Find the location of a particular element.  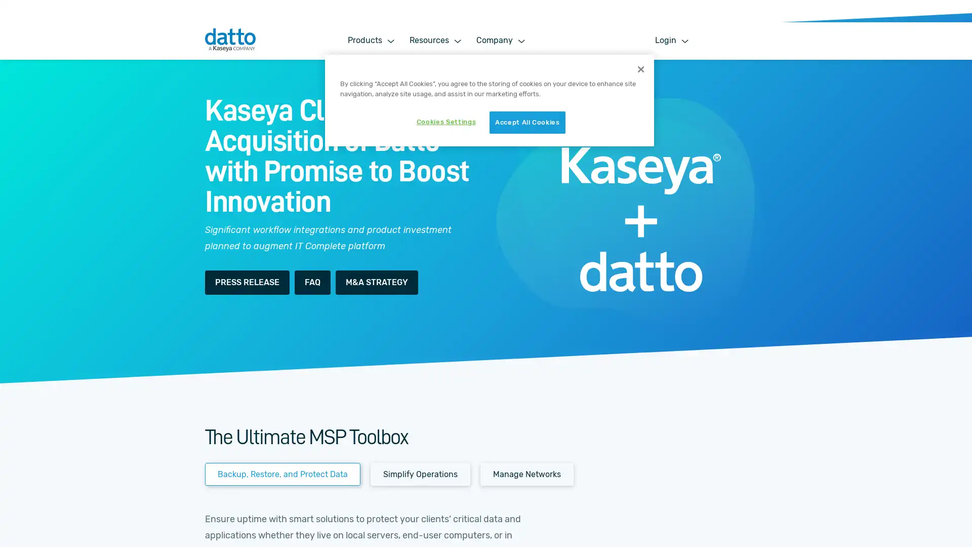

Accept All Cookies is located at coordinates (526, 122).